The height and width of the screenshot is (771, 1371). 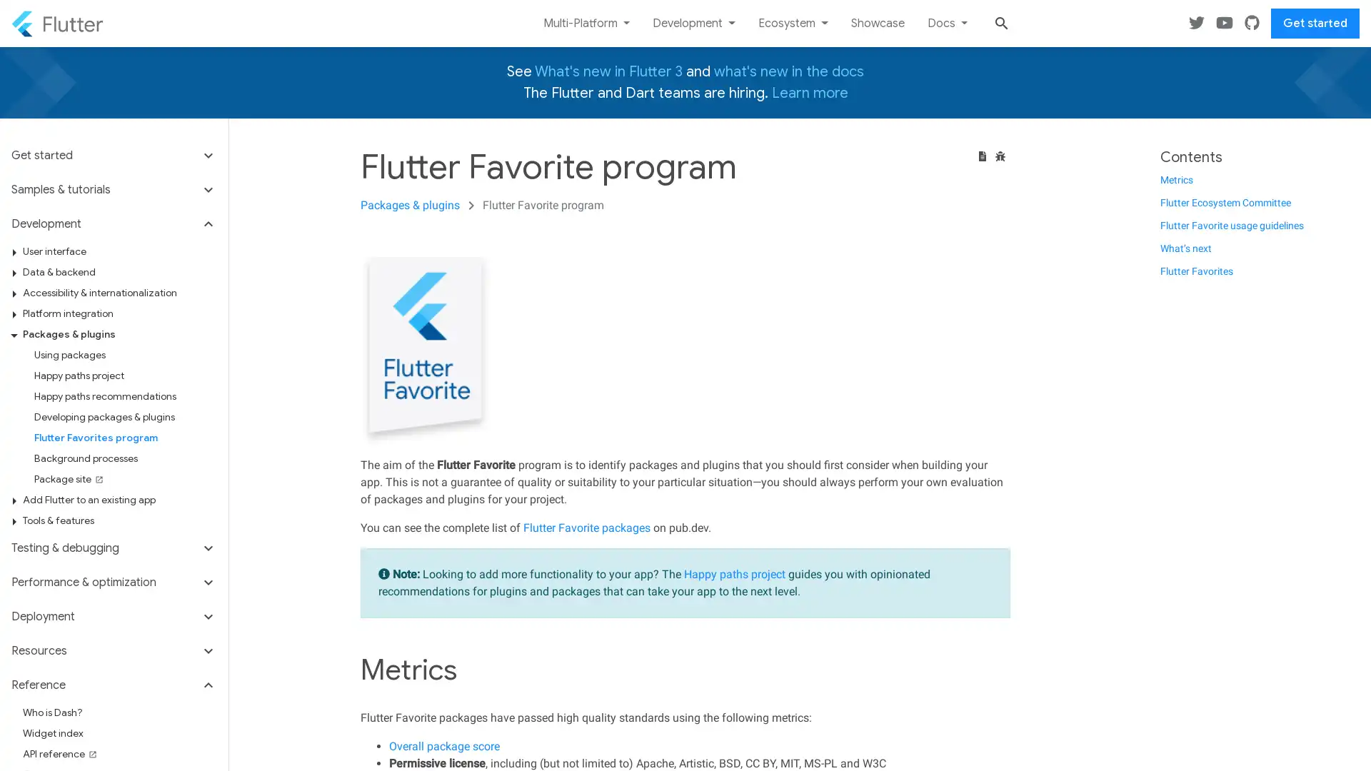 I want to click on arrow_drop_down Packages & plugins, so click(x=119, y=334).